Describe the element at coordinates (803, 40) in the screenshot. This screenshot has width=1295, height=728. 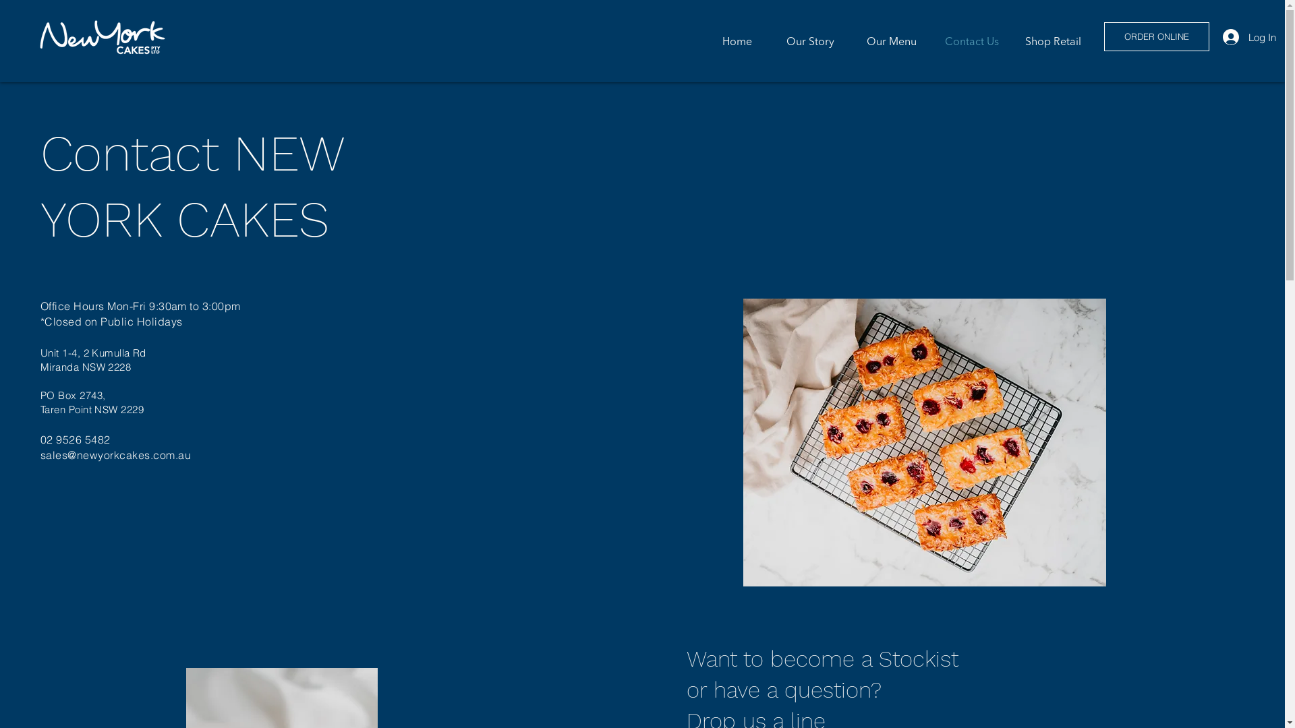
I see `'Our Story'` at that location.